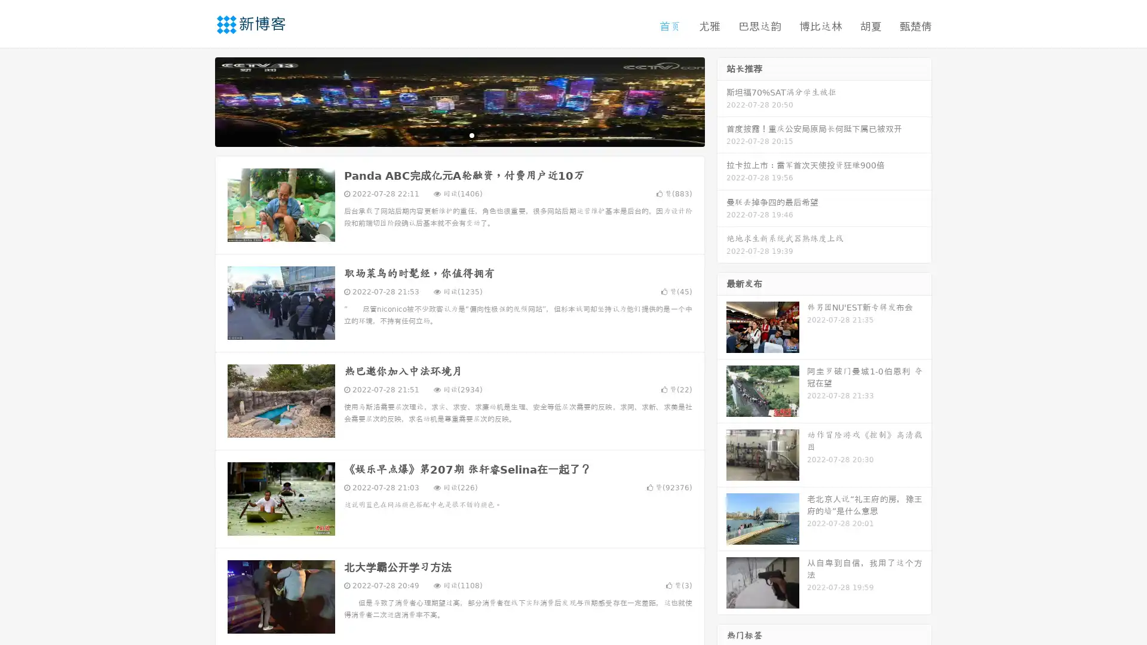 This screenshot has height=645, width=1147. What do you see at coordinates (447, 134) in the screenshot?
I see `Go to slide 1` at bounding box center [447, 134].